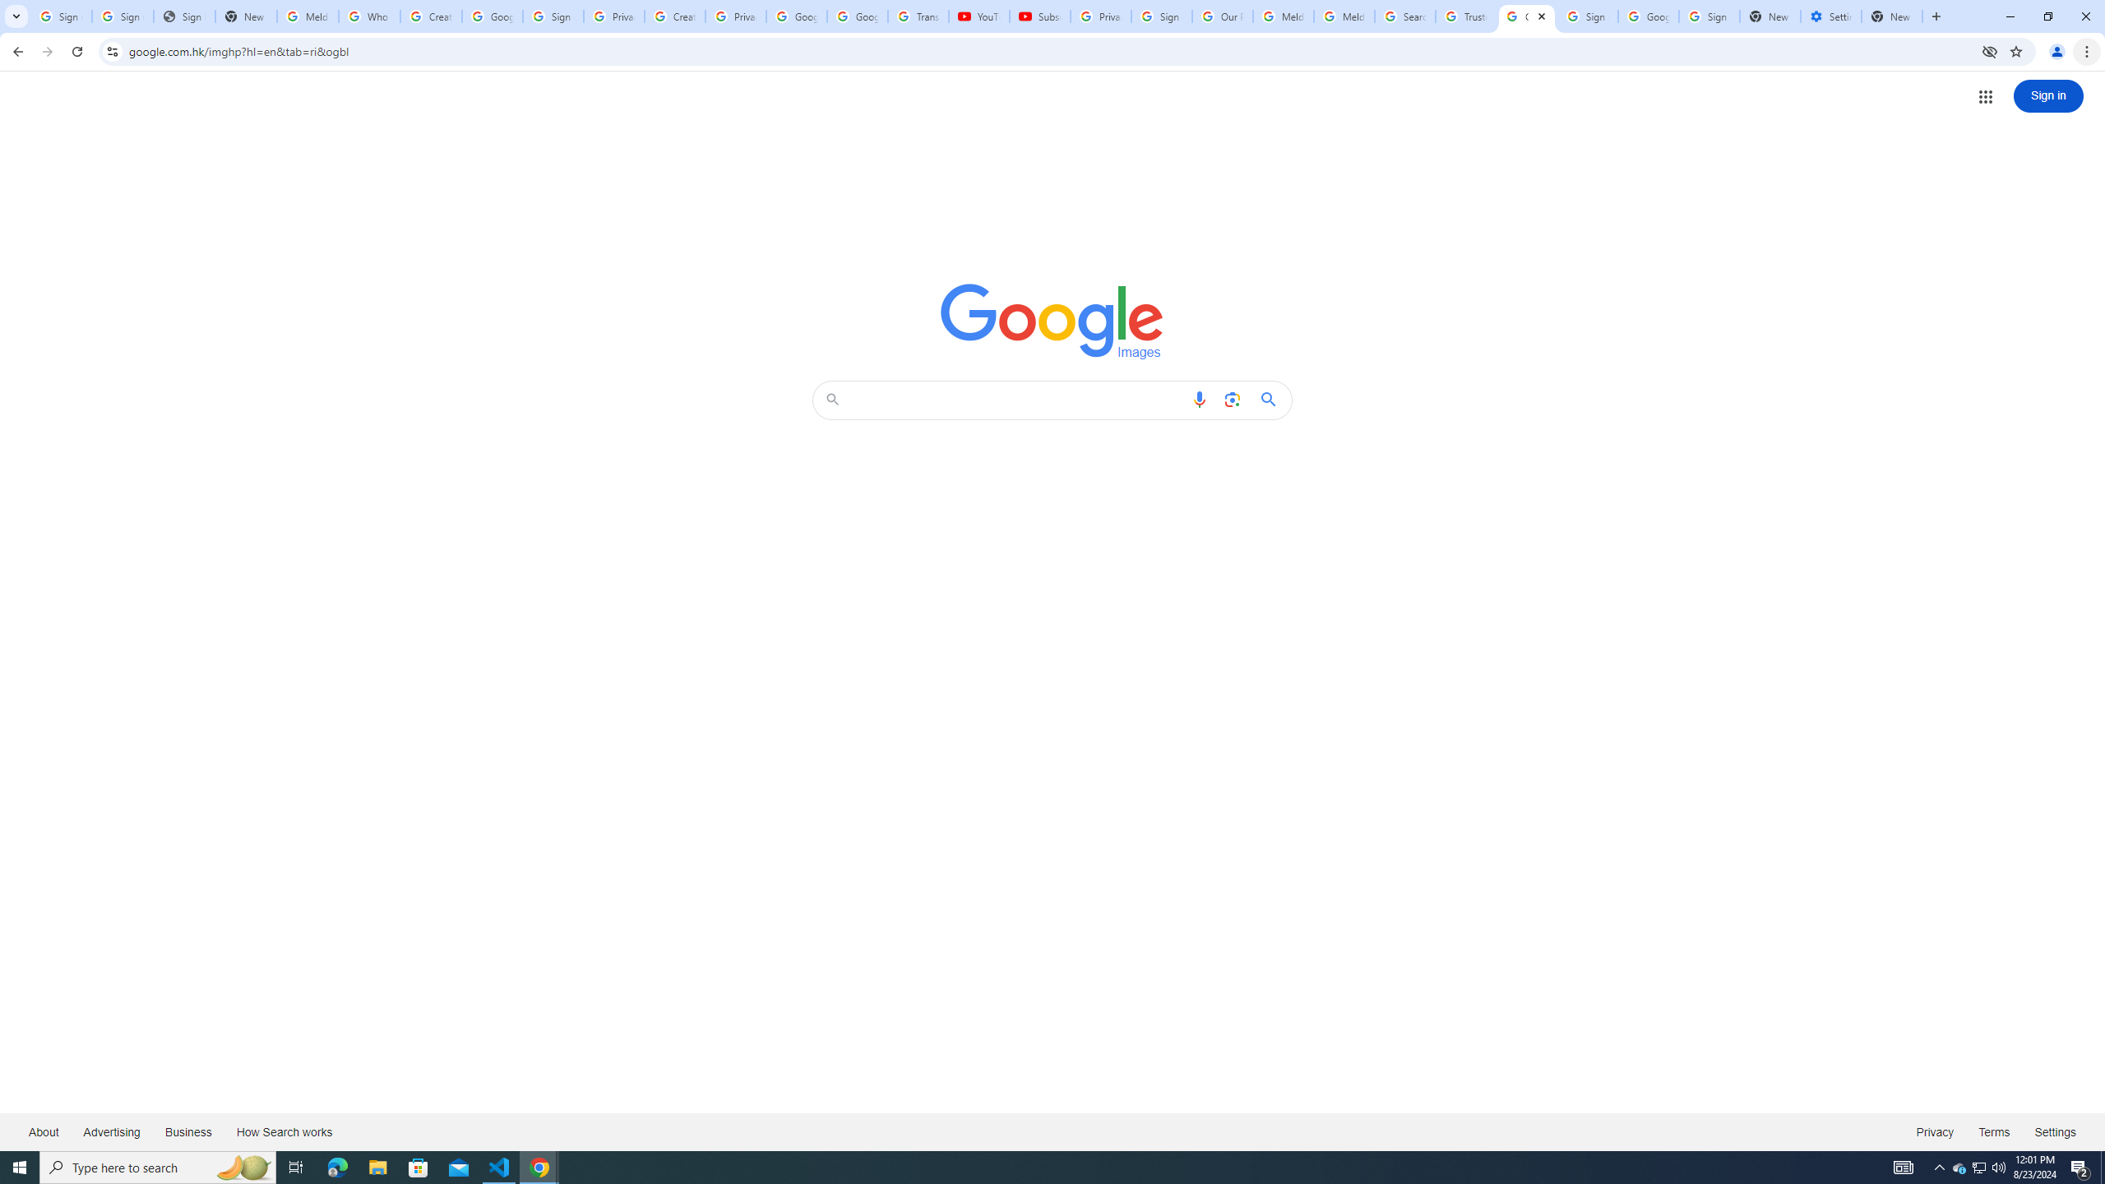 The height and width of the screenshot is (1184, 2105). Describe the element at coordinates (122, 16) in the screenshot. I see `'Sign in - Google Accounts'` at that location.